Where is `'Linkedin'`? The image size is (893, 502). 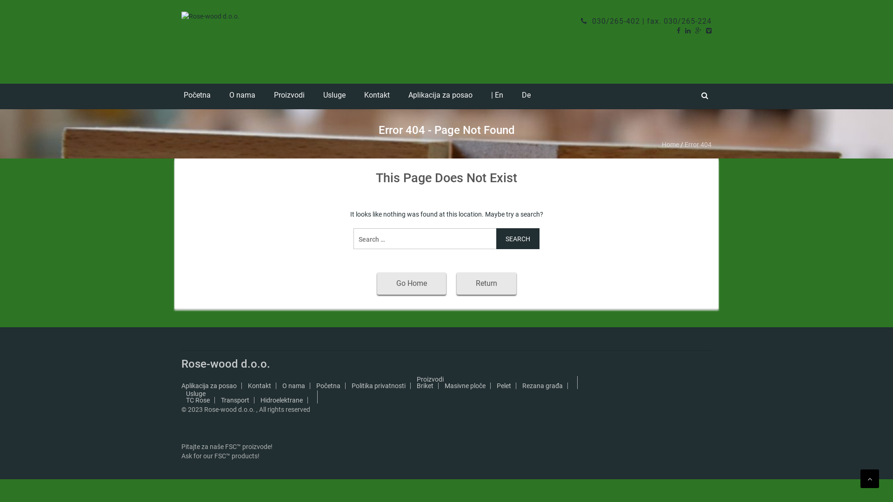 'Linkedin' is located at coordinates (687, 30).